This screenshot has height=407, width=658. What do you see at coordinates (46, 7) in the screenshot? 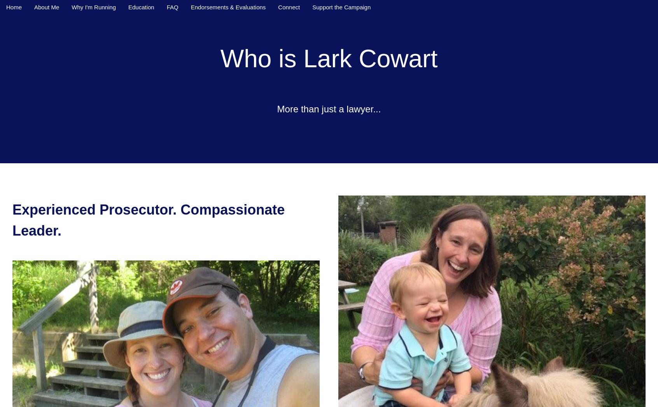
I see `'About Me'` at bounding box center [46, 7].